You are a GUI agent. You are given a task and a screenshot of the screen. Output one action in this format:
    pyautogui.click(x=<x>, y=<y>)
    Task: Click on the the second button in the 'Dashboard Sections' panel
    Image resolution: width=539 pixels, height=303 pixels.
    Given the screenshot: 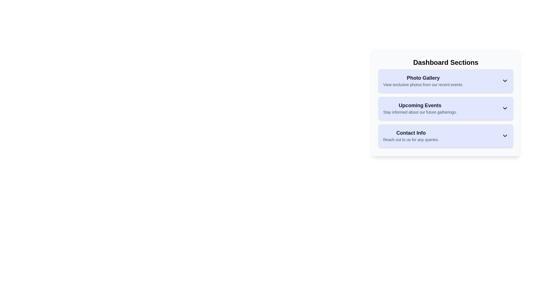 What is the action you would take?
    pyautogui.click(x=446, y=108)
    